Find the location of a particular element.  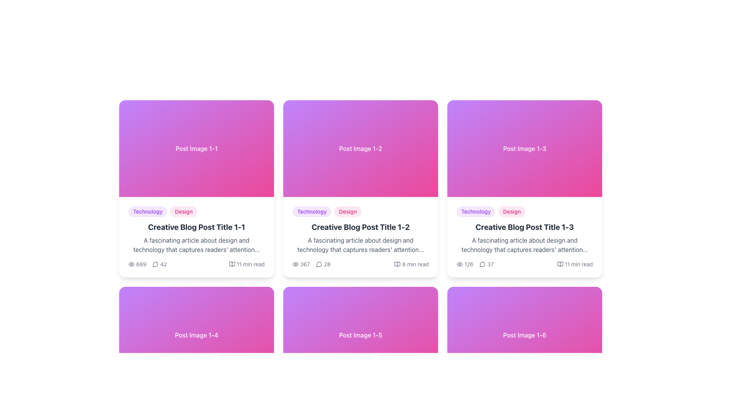

the title of the informational card located in the central column of the second row is located at coordinates (360, 237).